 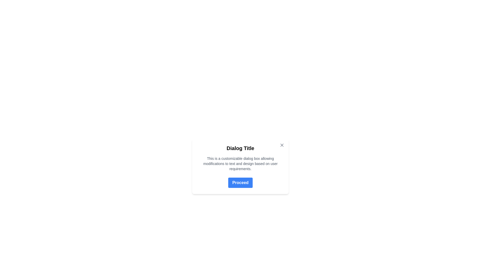 What do you see at coordinates (281, 145) in the screenshot?
I see `the close button located at the top-right corner of the dialog box to change its color` at bounding box center [281, 145].